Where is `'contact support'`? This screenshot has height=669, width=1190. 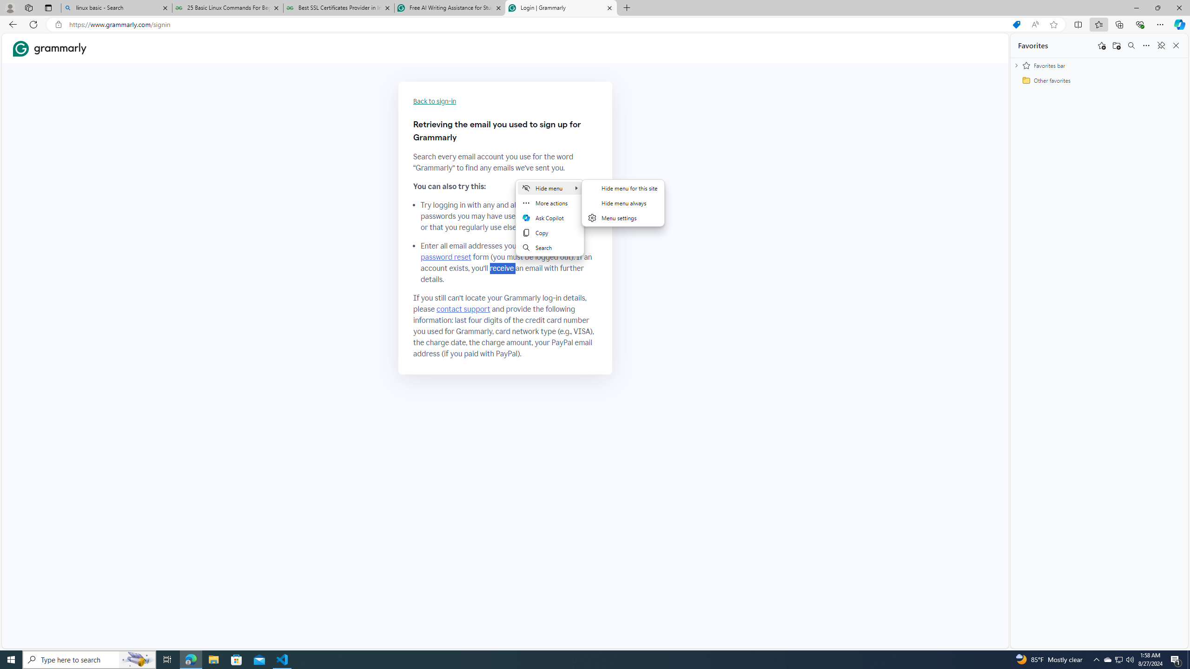 'contact support' is located at coordinates (463, 309).